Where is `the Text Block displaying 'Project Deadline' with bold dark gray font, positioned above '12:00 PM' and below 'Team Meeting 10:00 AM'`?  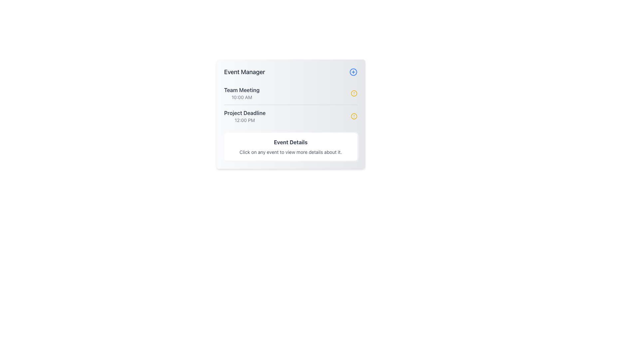 the Text Block displaying 'Project Deadline' with bold dark gray font, positioned above '12:00 PM' and below 'Team Meeting 10:00 AM' is located at coordinates (244, 116).